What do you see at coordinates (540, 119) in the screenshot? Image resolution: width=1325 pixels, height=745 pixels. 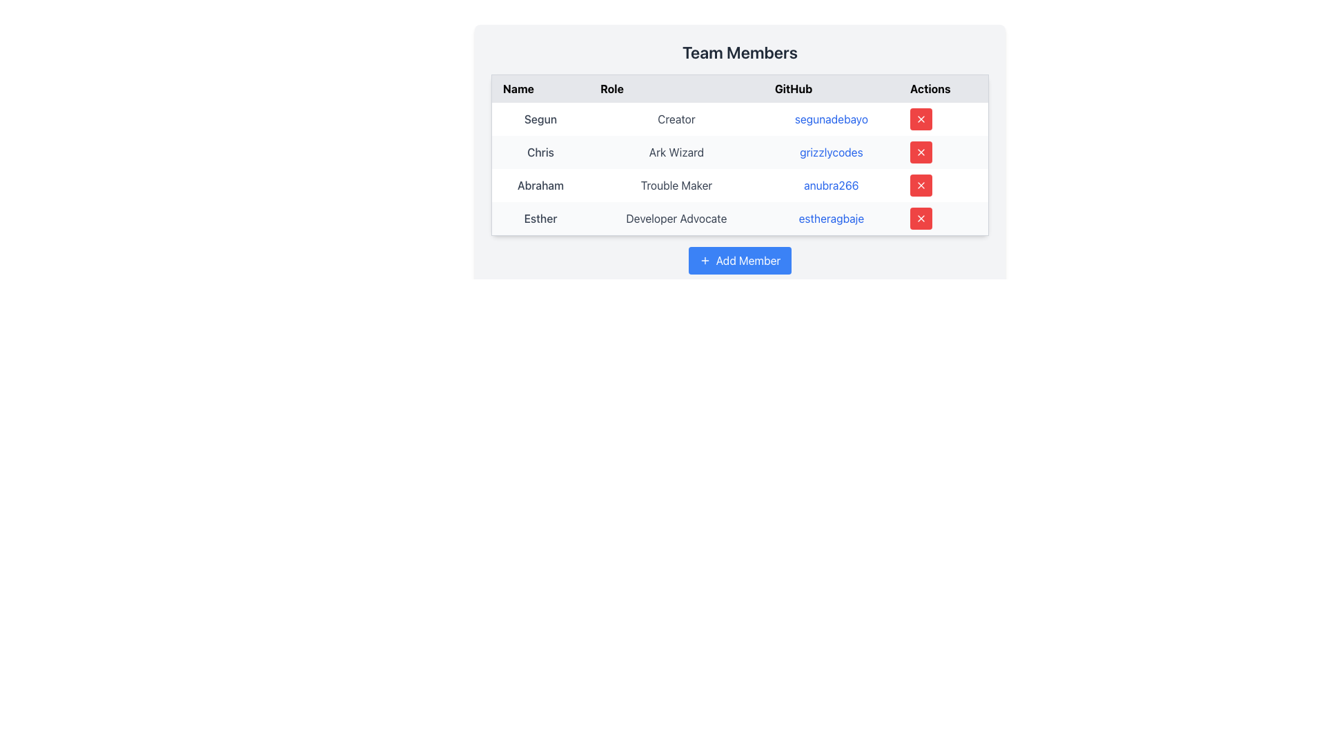 I see `the text label displaying the name 'Segun' located in the first cell of the first column of the table in the 'Team Members' section` at bounding box center [540, 119].